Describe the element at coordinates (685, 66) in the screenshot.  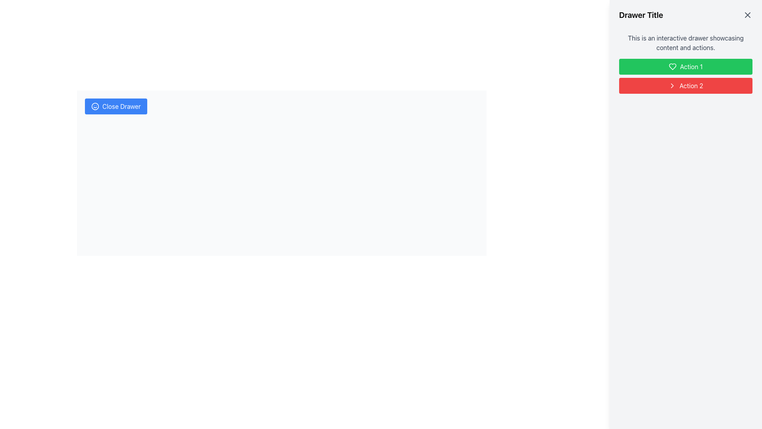
I see `the green rectangular button labeled 'Action 1' with a white heart icon` at that location.